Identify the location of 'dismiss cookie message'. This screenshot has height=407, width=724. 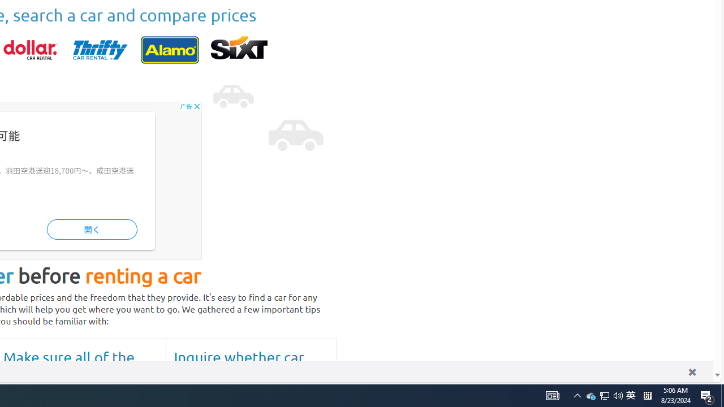
(691, 371).